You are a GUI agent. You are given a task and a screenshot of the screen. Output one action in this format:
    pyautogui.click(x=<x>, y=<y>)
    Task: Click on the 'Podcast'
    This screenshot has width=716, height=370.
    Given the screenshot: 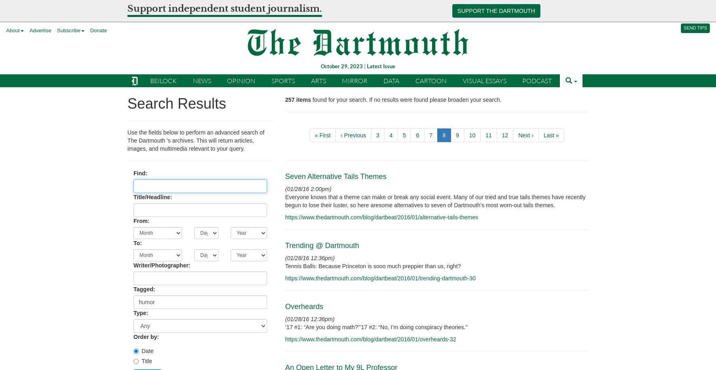 What is the action you would take?
    pyautogui.click(x=536, y=80)
    